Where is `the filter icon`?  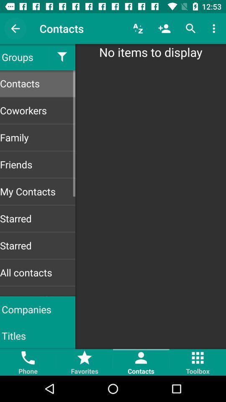
the filter icon is located at coordinates (62, 57).